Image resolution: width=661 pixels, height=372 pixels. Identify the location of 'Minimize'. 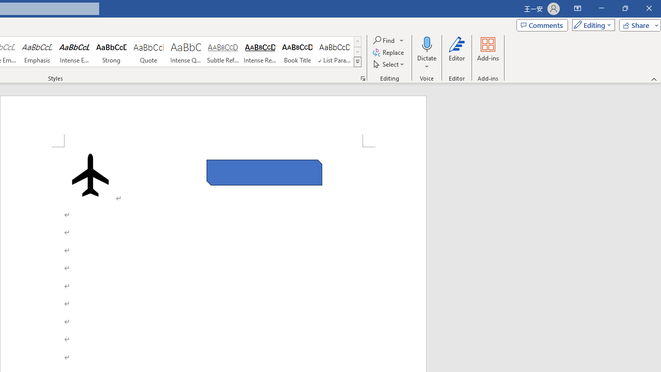
(601, 8).